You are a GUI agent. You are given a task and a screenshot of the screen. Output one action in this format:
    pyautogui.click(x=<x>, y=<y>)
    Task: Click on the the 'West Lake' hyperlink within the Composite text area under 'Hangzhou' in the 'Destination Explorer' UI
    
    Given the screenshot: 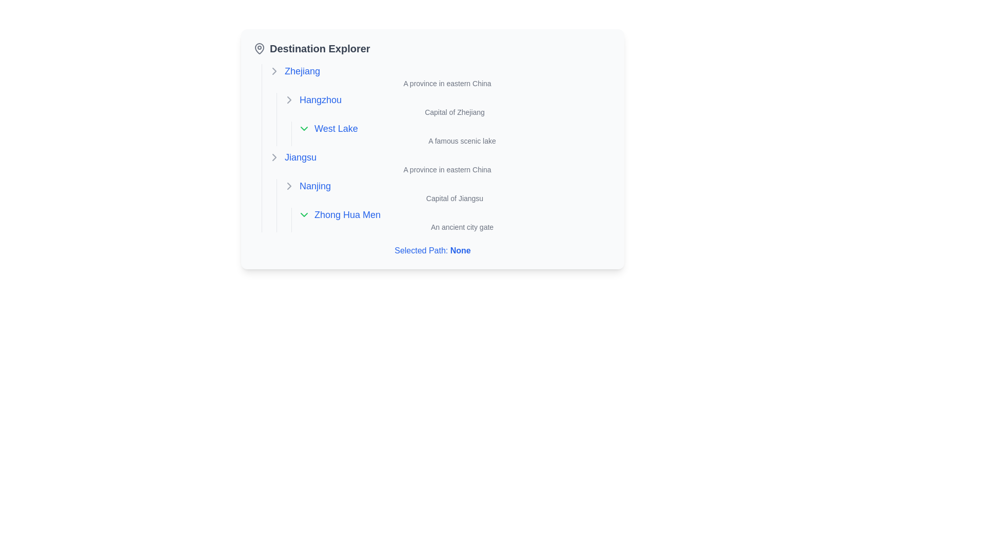 What is the action you would take?
    pyautogui.click(x=451, y=133)
    